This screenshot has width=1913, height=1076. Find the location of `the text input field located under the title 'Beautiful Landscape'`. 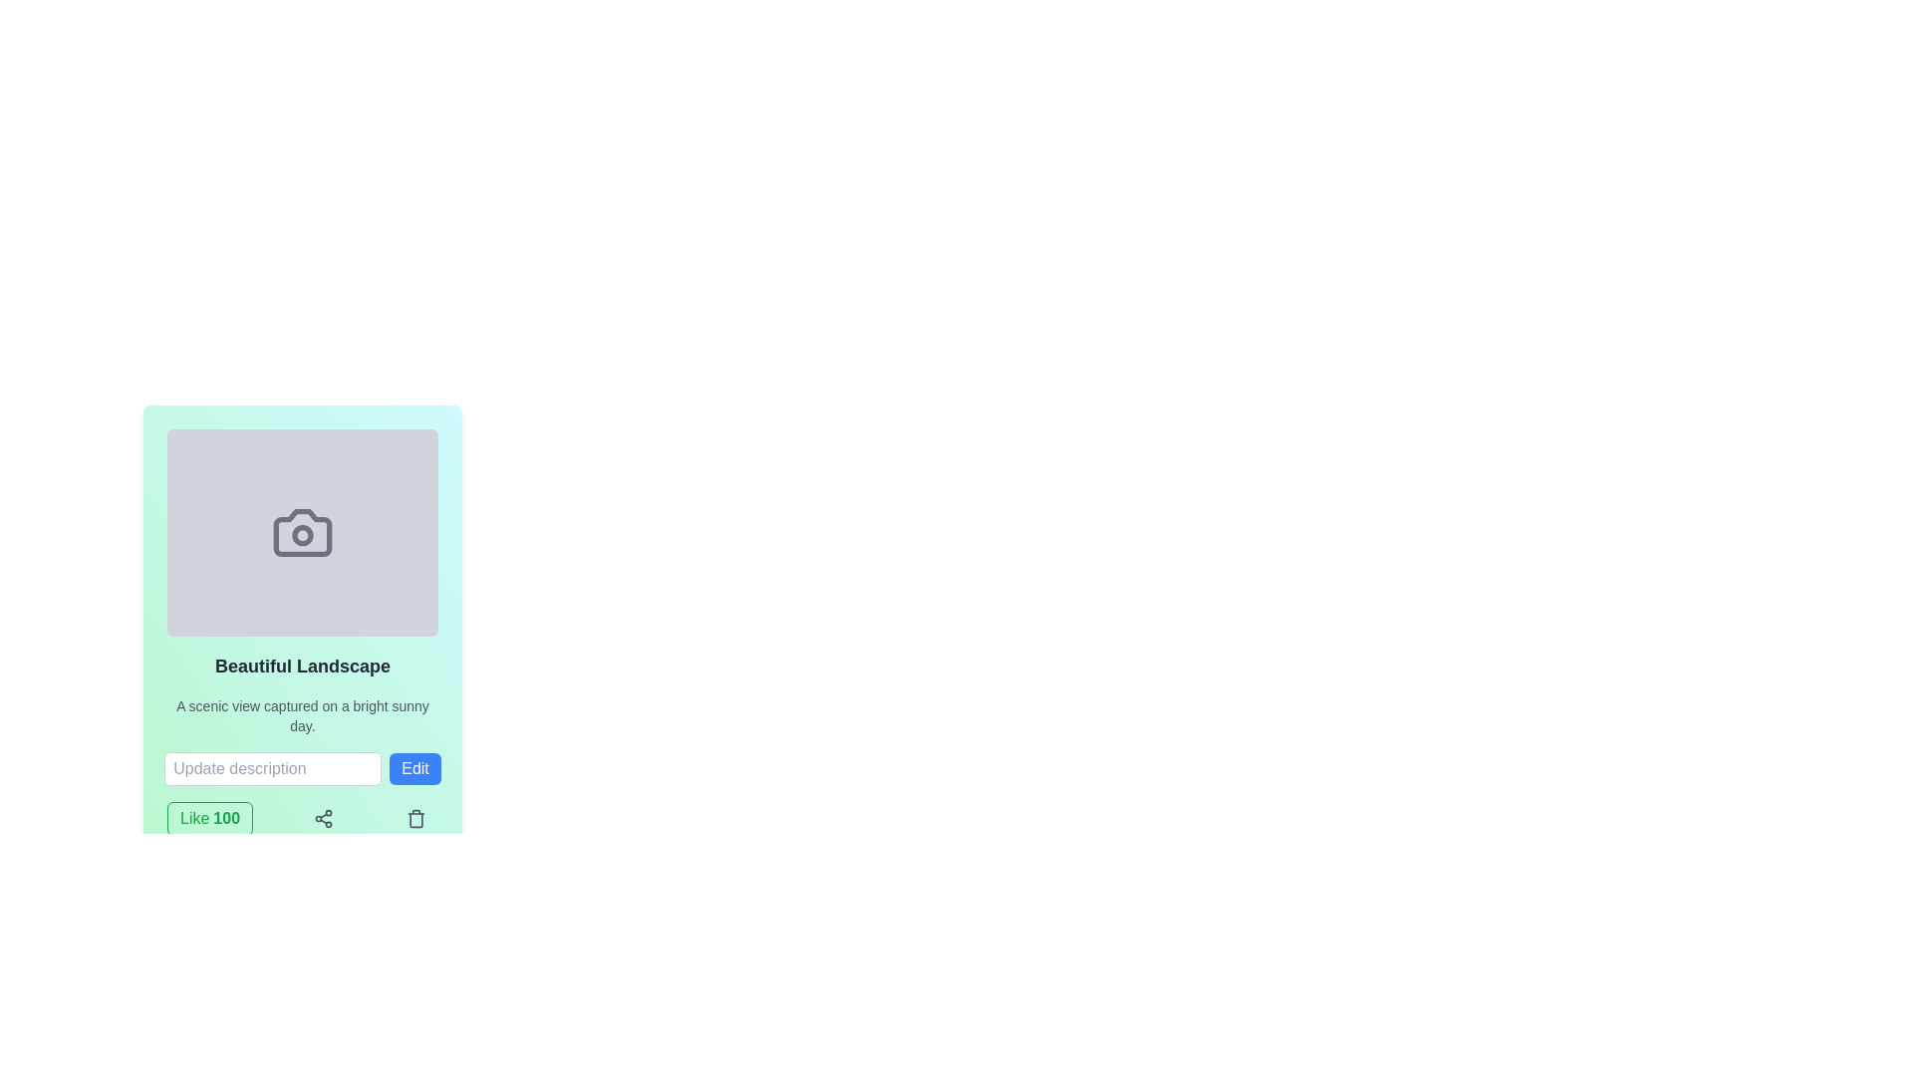

the text input field located under the title 'Beautiful Landscape' is located at coordinates (301, 767).